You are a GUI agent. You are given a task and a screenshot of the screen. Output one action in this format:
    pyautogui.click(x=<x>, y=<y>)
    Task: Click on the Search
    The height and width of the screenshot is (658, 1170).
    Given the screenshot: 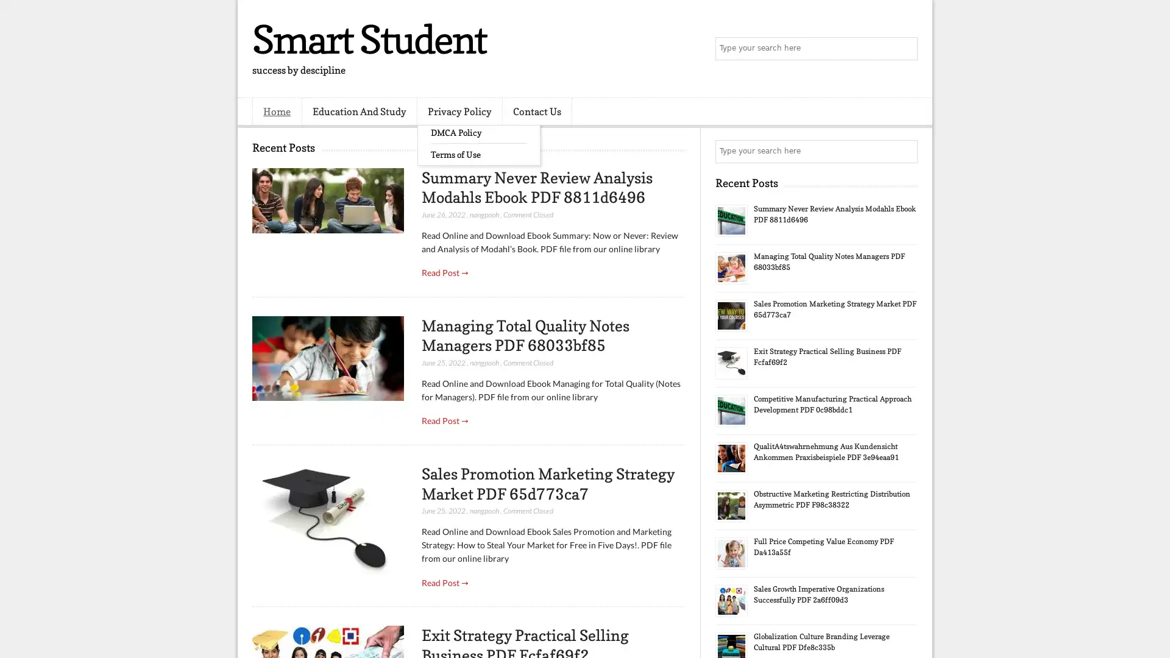 What is the action you would take?
    pyautogui.click(x=905, y=49)
    